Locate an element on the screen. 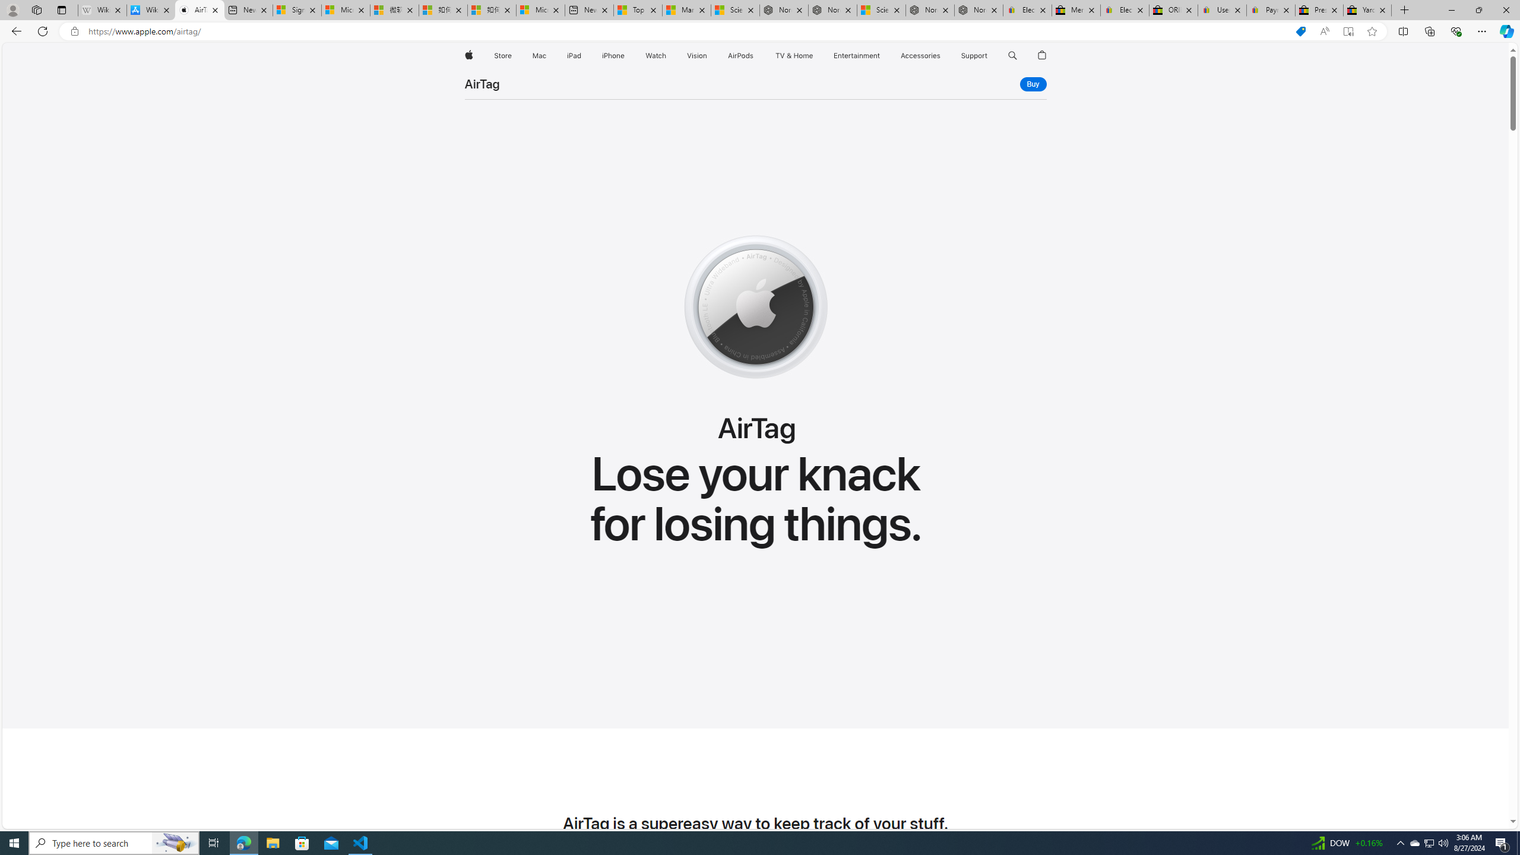  'Apple' is located at coordinates (467, 55).